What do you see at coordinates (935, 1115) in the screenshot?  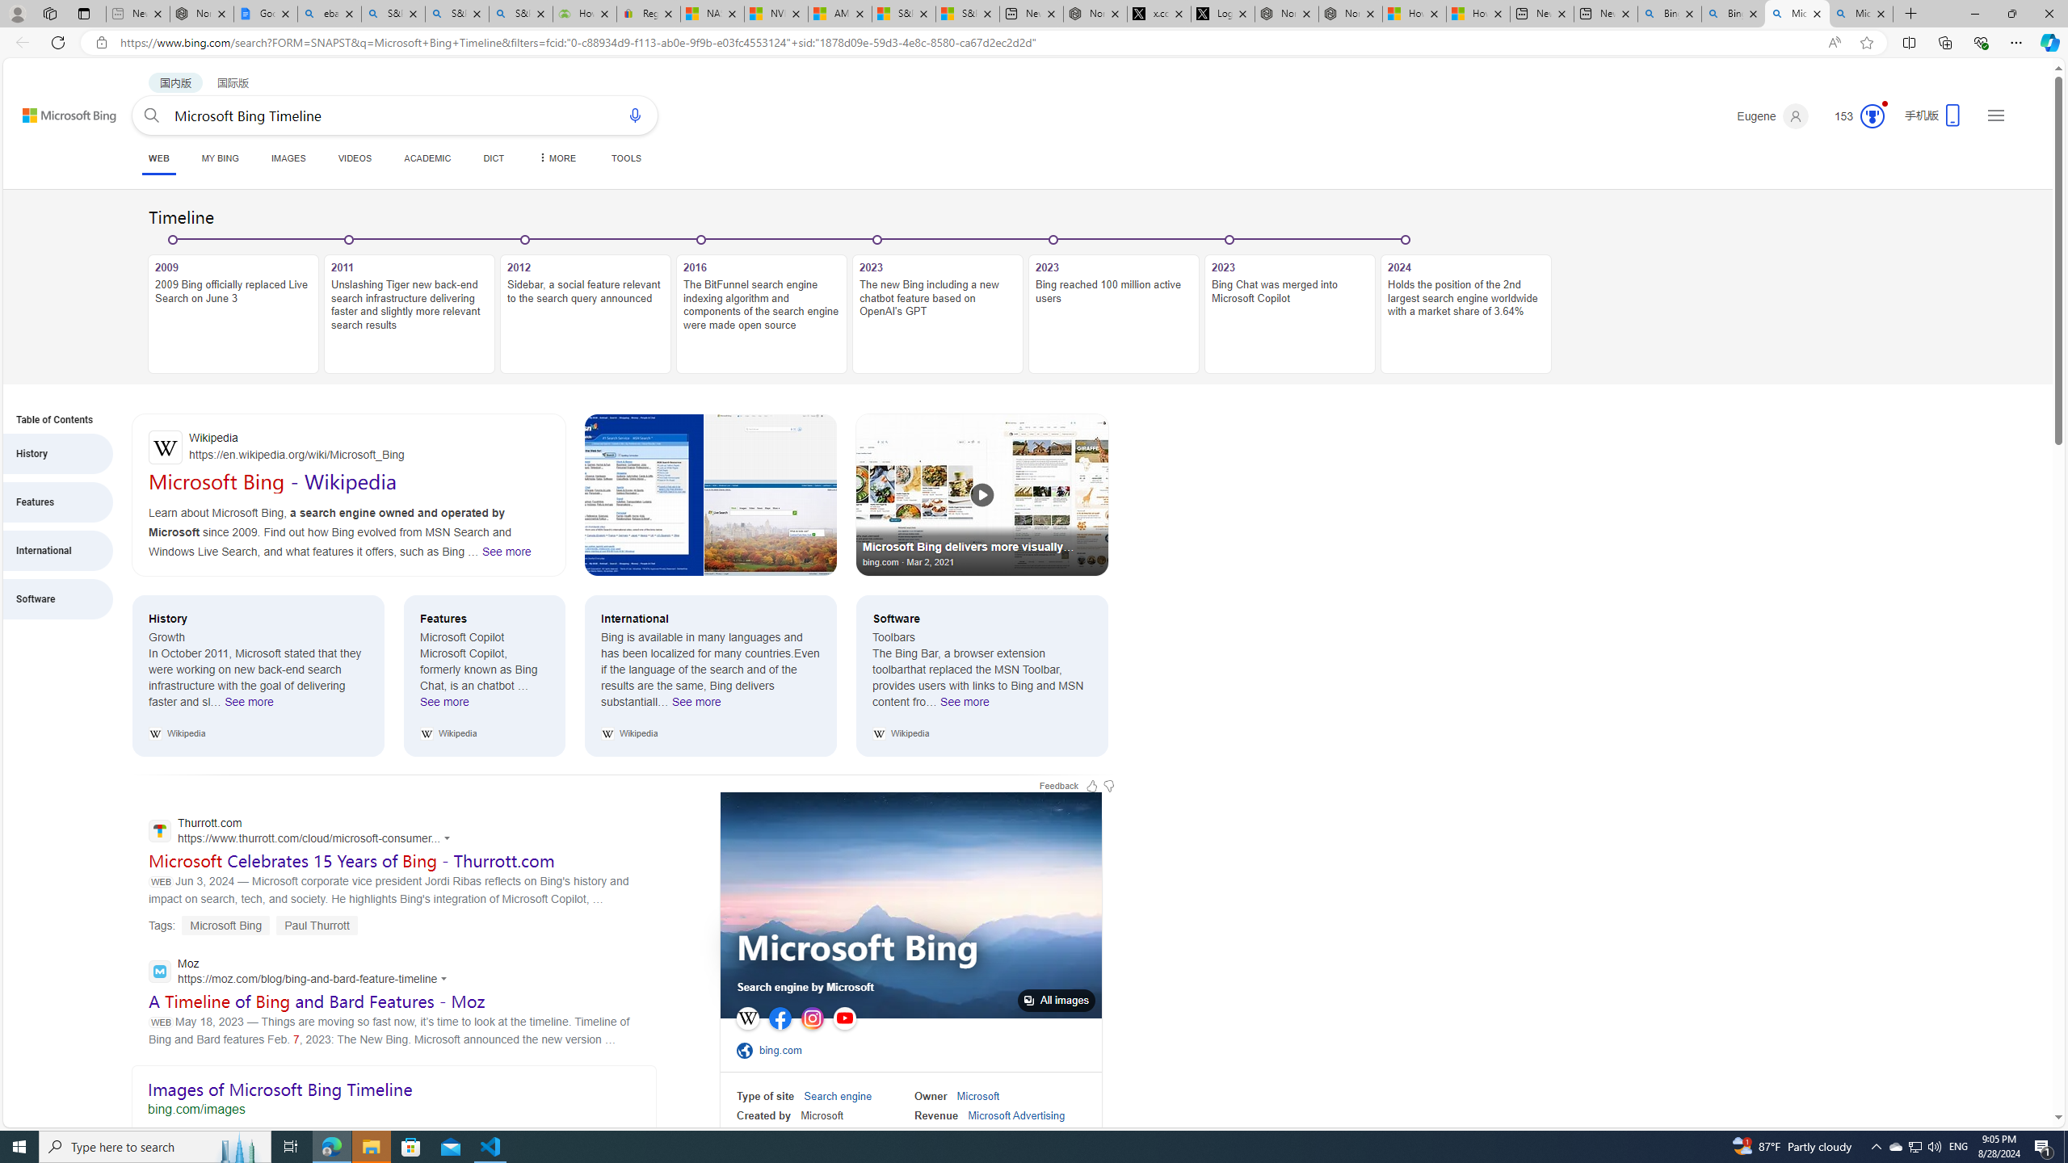 I see `'Revenue'` at bounding box center [935, 1115].